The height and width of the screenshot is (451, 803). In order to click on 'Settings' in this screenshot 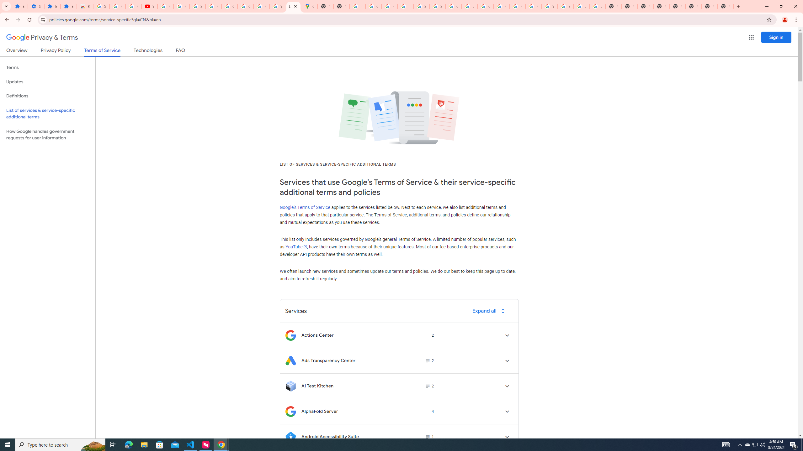, I will do `click(36, 6)`.